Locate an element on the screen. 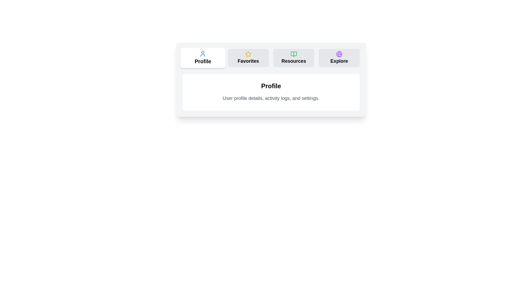 The width and height of the screenshot is (511, 287). the tab labeled Resources is located at coordinates (293, 58).